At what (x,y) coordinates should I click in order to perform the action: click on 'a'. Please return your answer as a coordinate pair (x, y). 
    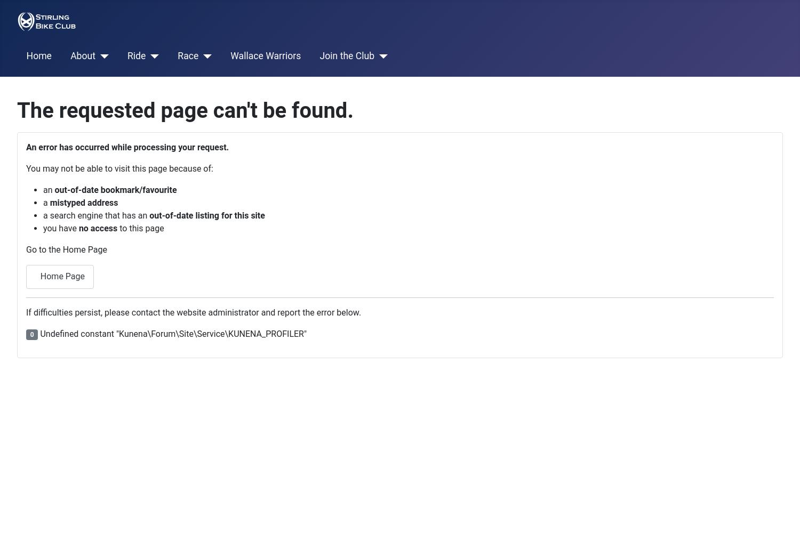
    Looking at the image, I should click on (43, 202).